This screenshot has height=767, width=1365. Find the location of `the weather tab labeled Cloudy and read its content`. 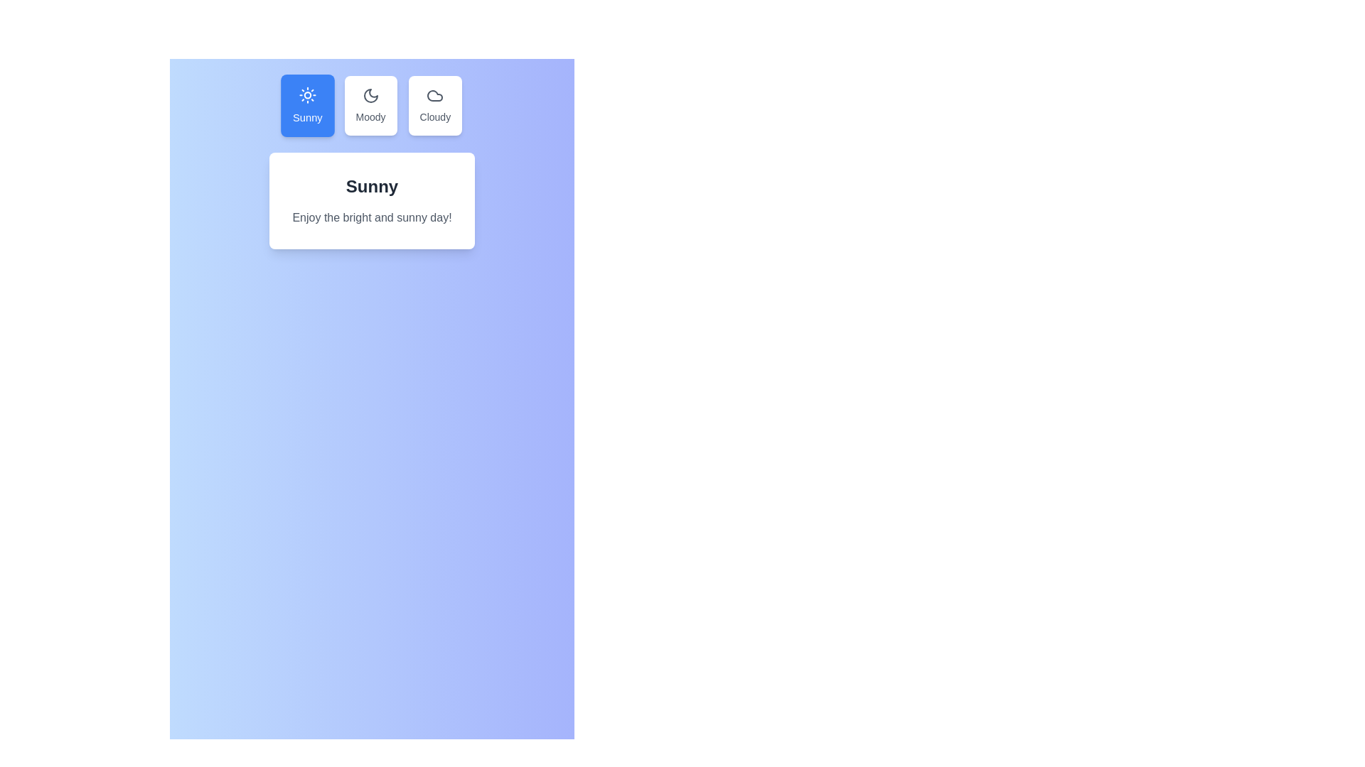

the weather tab labeled Cloudy and read its content is located at coordinates (434, 105).